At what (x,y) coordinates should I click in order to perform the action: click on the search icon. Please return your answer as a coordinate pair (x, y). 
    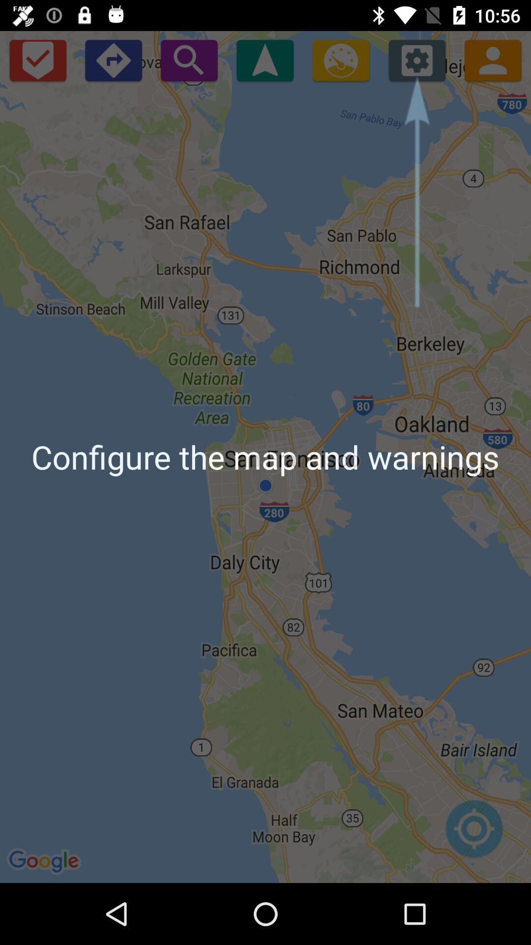
    Looking at the image, I should click on (189, 60).